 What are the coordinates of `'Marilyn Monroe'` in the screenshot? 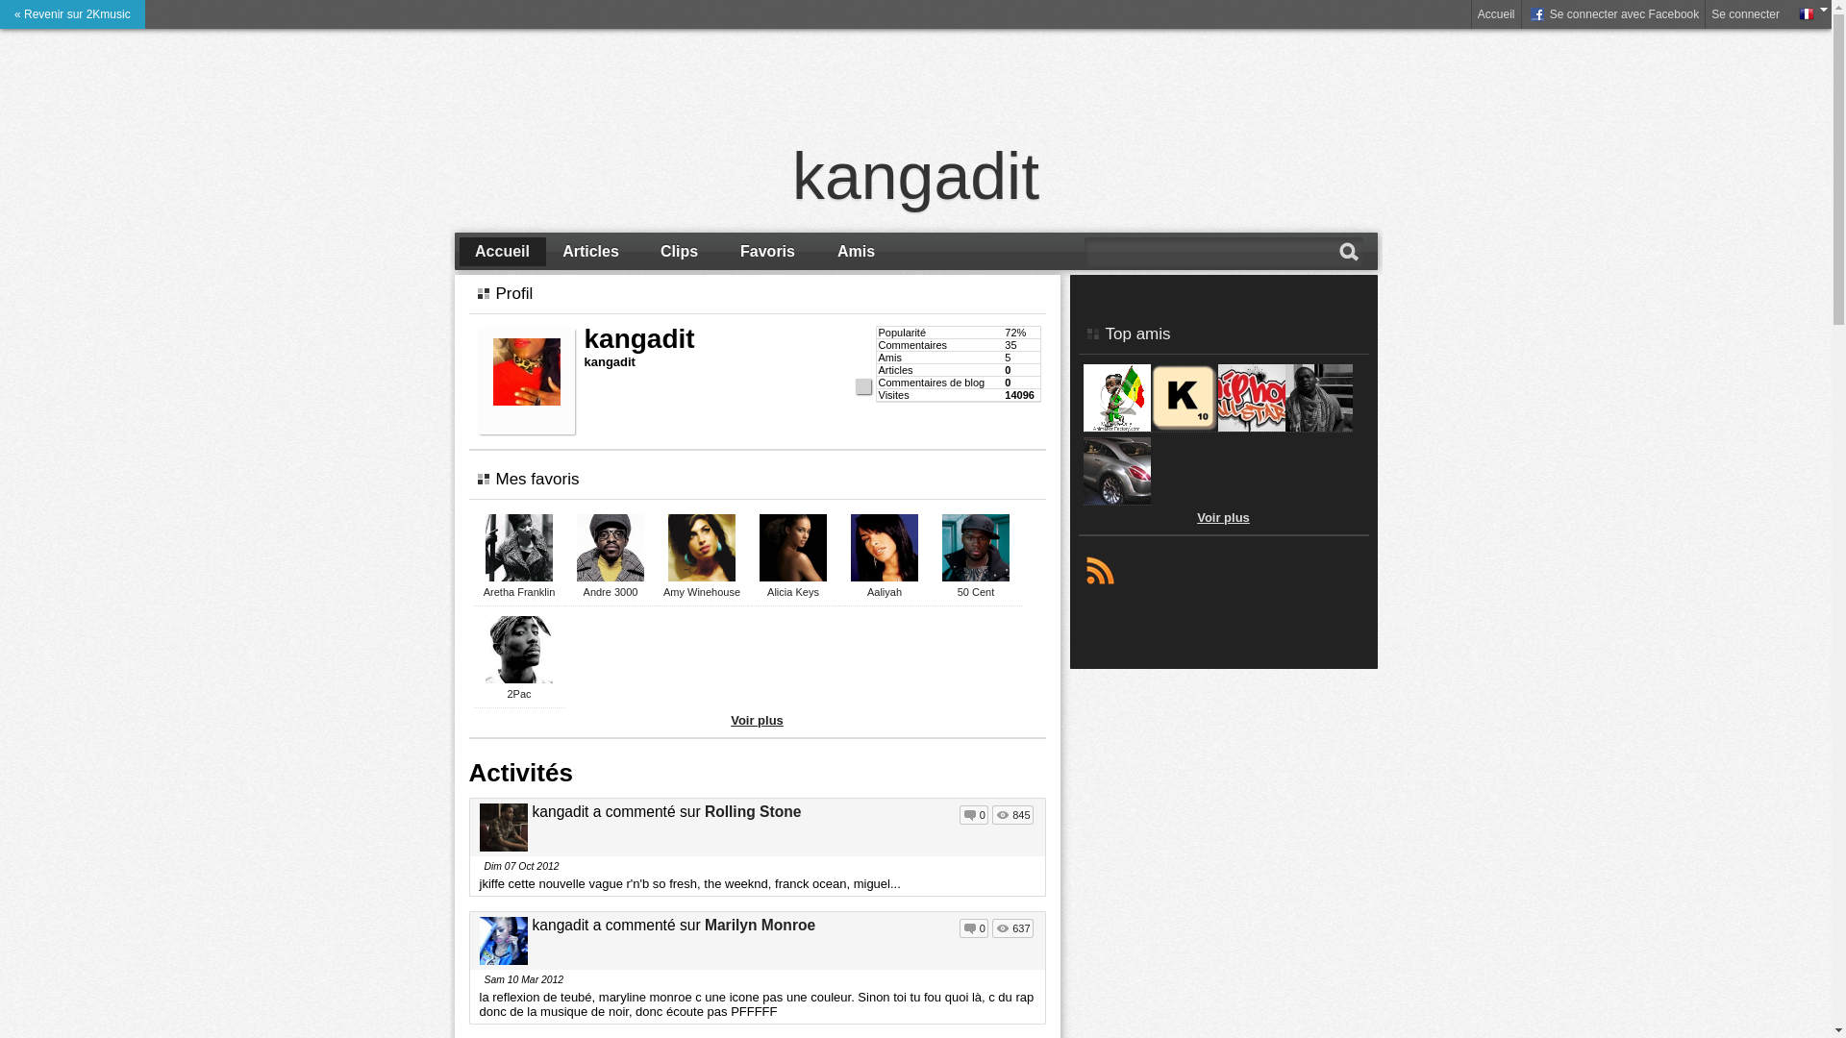 It's located at (759, 924).